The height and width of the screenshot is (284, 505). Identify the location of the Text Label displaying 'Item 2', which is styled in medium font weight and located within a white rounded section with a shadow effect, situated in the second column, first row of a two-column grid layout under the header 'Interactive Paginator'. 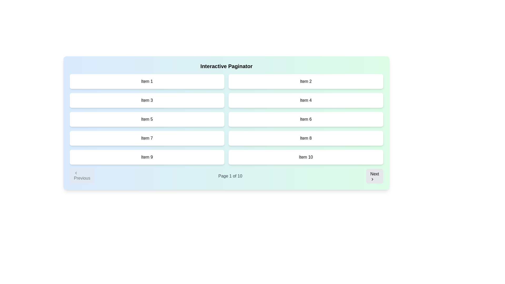
(306, 81).